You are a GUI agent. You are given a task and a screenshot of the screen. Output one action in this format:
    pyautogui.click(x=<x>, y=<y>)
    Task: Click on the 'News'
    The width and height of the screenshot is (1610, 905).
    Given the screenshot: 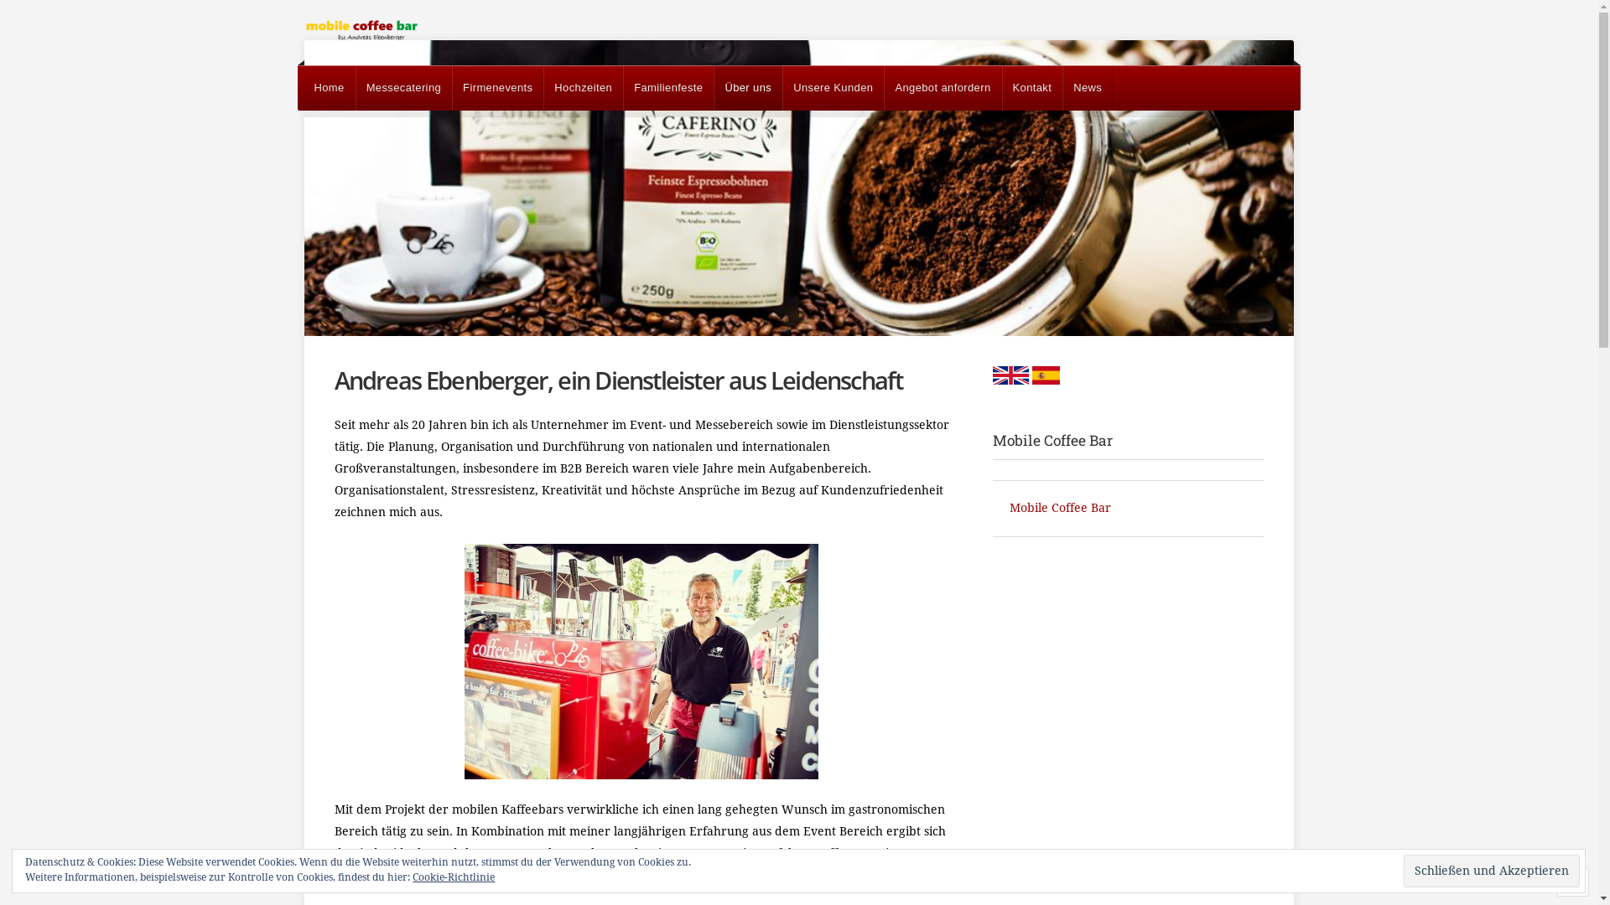 What is the action you would take?
    pyautogui.click(x=1087, y=87)
    